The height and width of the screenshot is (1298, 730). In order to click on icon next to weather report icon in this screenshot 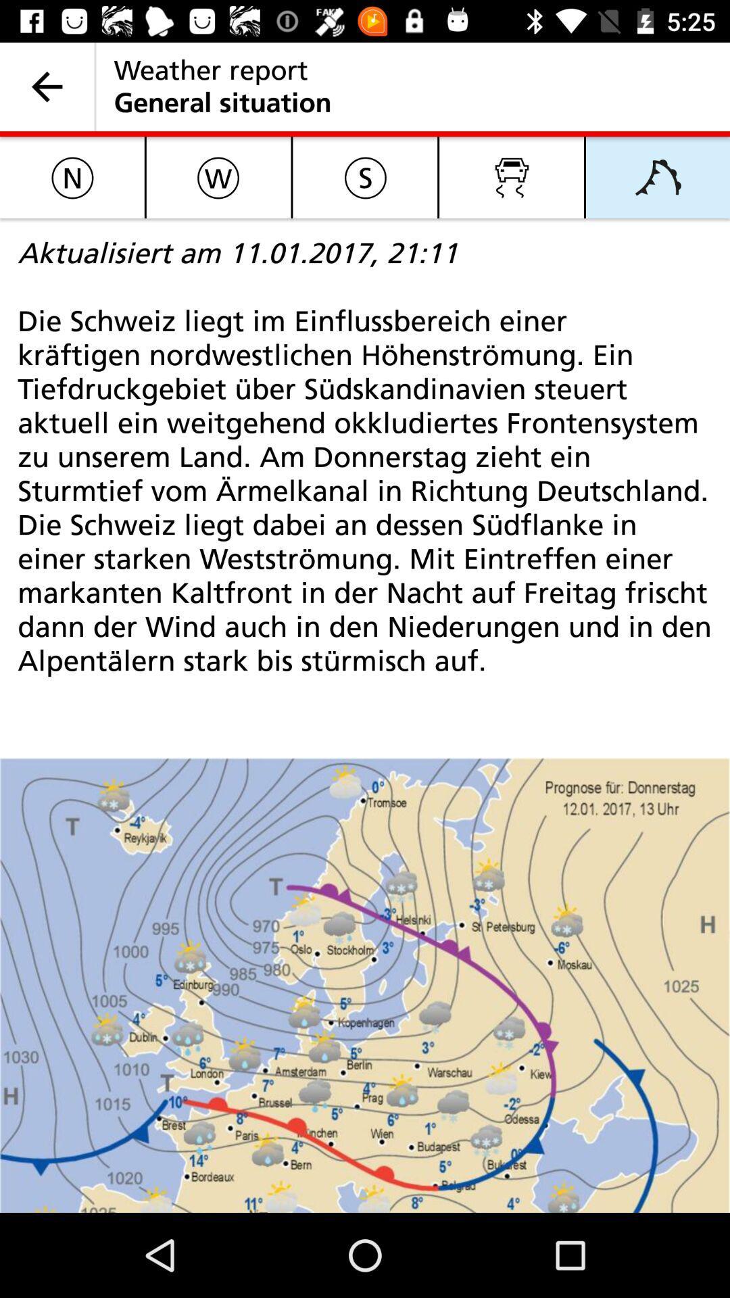, I will do `click(46, 86)`.